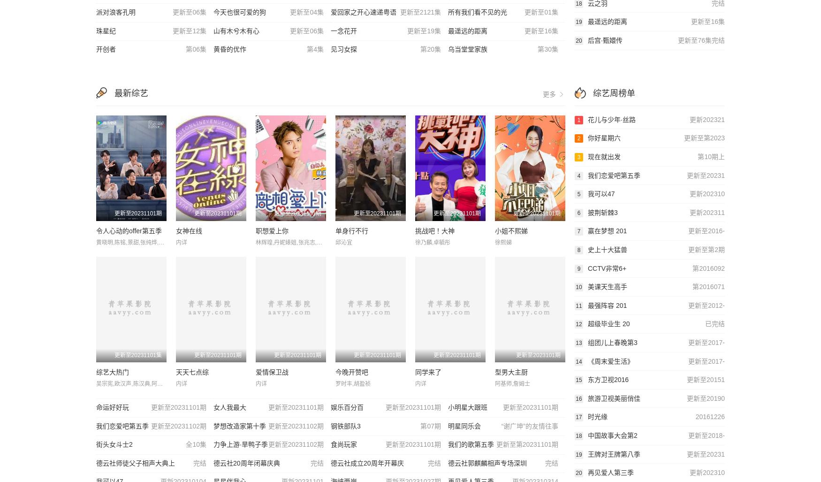 The width and height of the screenshot is (821, 482). I want to click on '4', so click(578, 176).